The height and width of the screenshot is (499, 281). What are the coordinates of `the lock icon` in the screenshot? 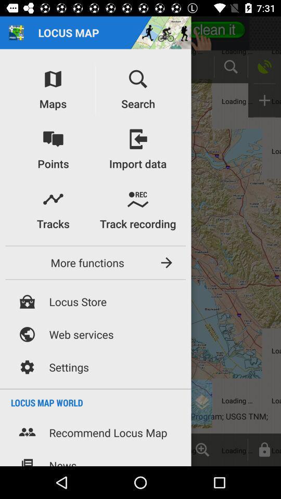 It's located at (264, 449).